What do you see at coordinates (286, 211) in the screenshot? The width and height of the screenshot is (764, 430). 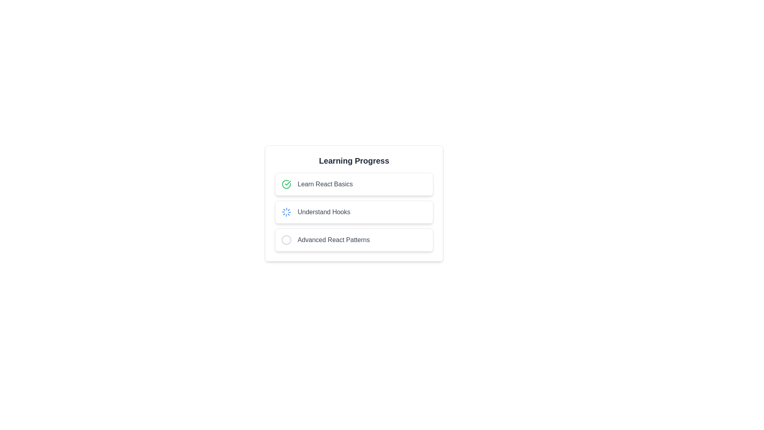 I see `the spinning loader icon with blue strokes, which is part of the second item in the 'Learning Progress' list, positioned to the left of the 'Understand Hooks' text` at bounding box center [286, 211].